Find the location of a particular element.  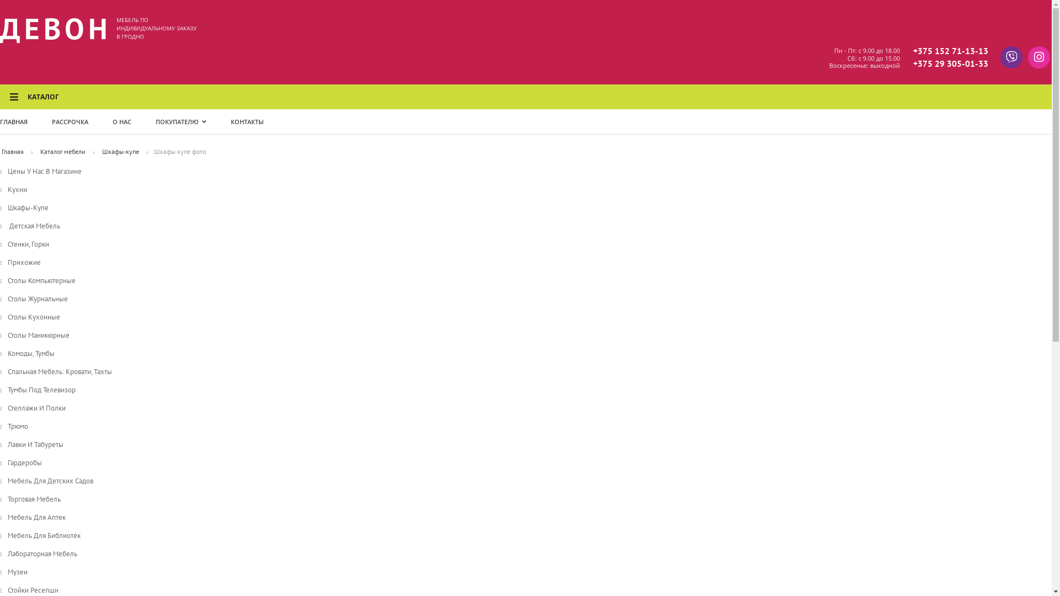

'+375 29 305-01-33' is located at coordinates (950, 63).